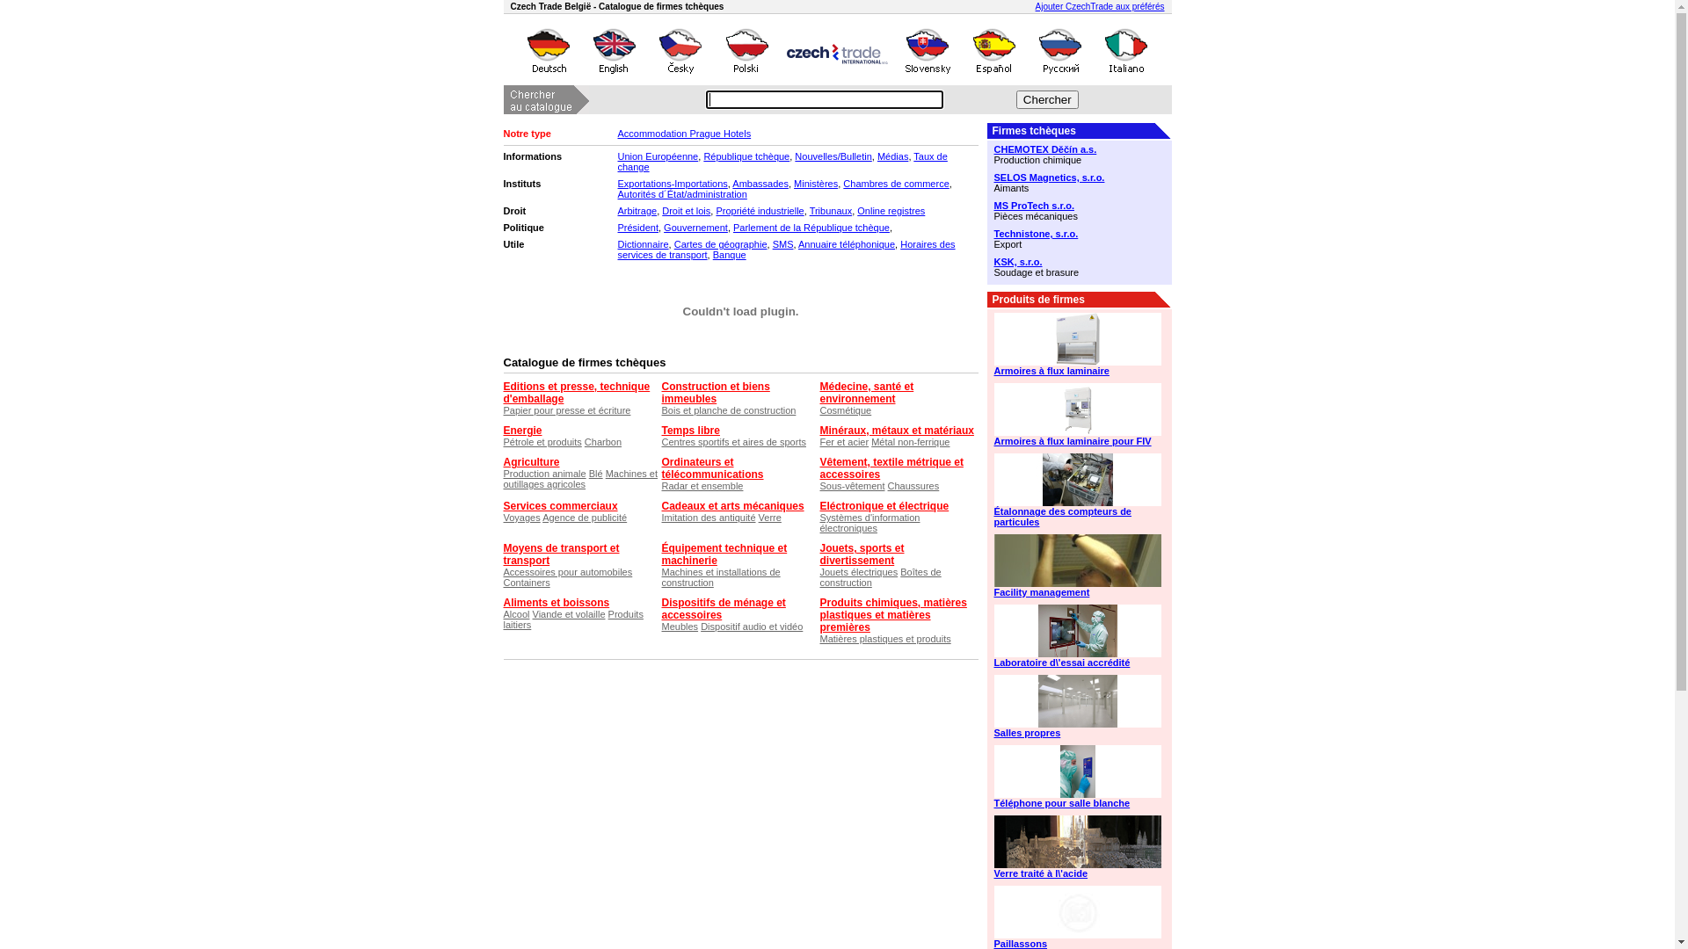 Image resolution: width=1688 pixels, height=949 pixels. Describe the element at coordinates (689, 430) in the screenshot. I see `'Temps libre'` at that location.